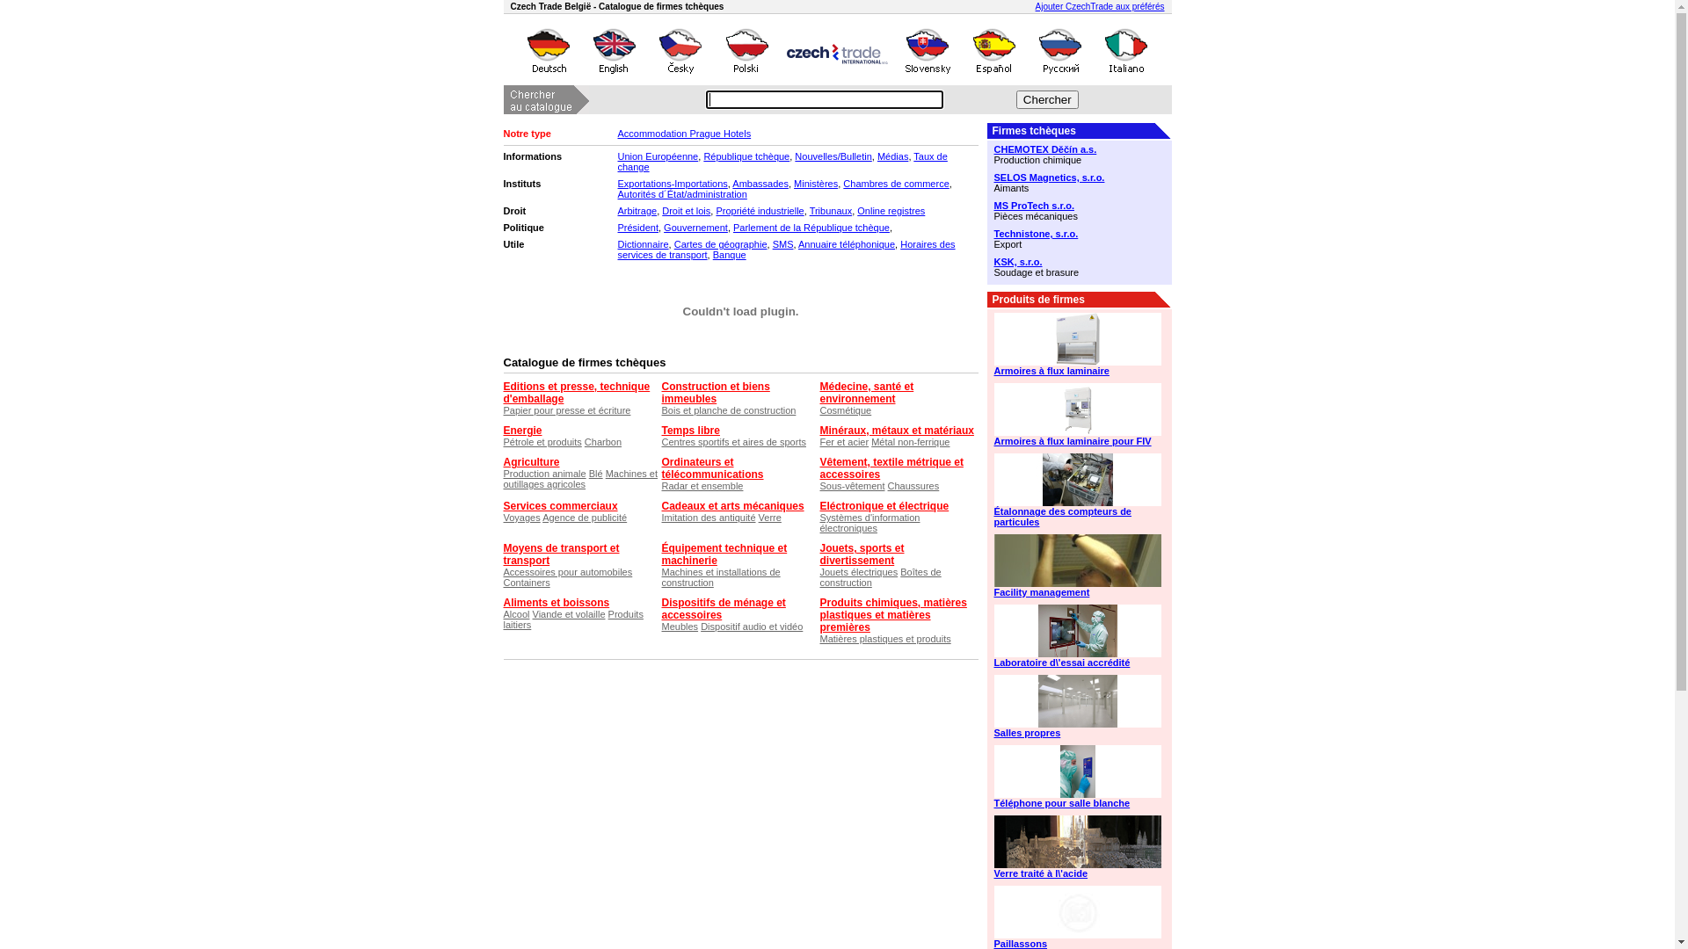 Image resolution: width=1688 pixels, height=949 pixels. Describe the element at coordinates (689, 430) in the screenshot. I see `'Temps libre'` at that location.